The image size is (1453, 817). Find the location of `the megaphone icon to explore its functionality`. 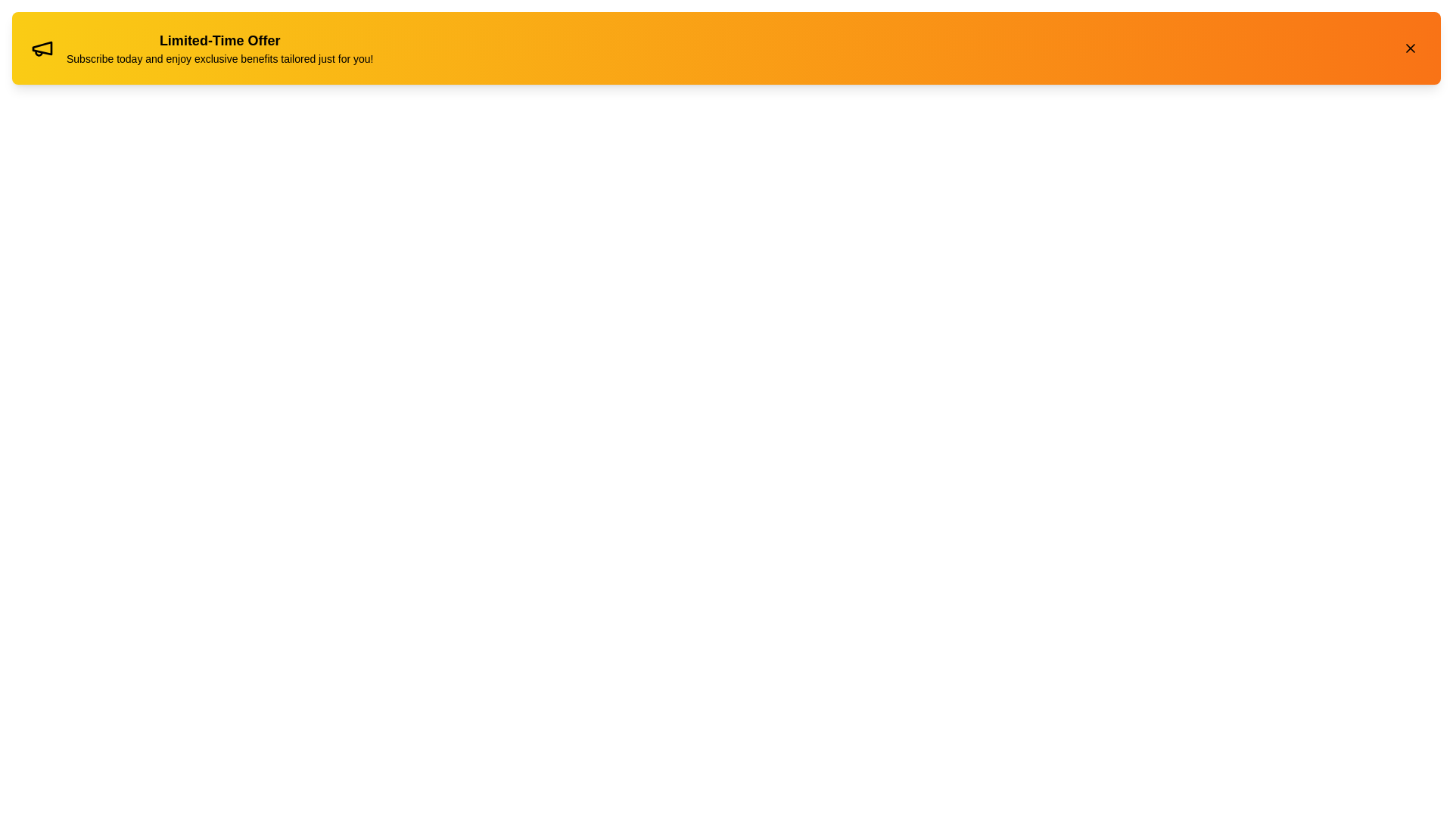

the megaphone icon to explore its functionality is located at coordinates (42, 48).